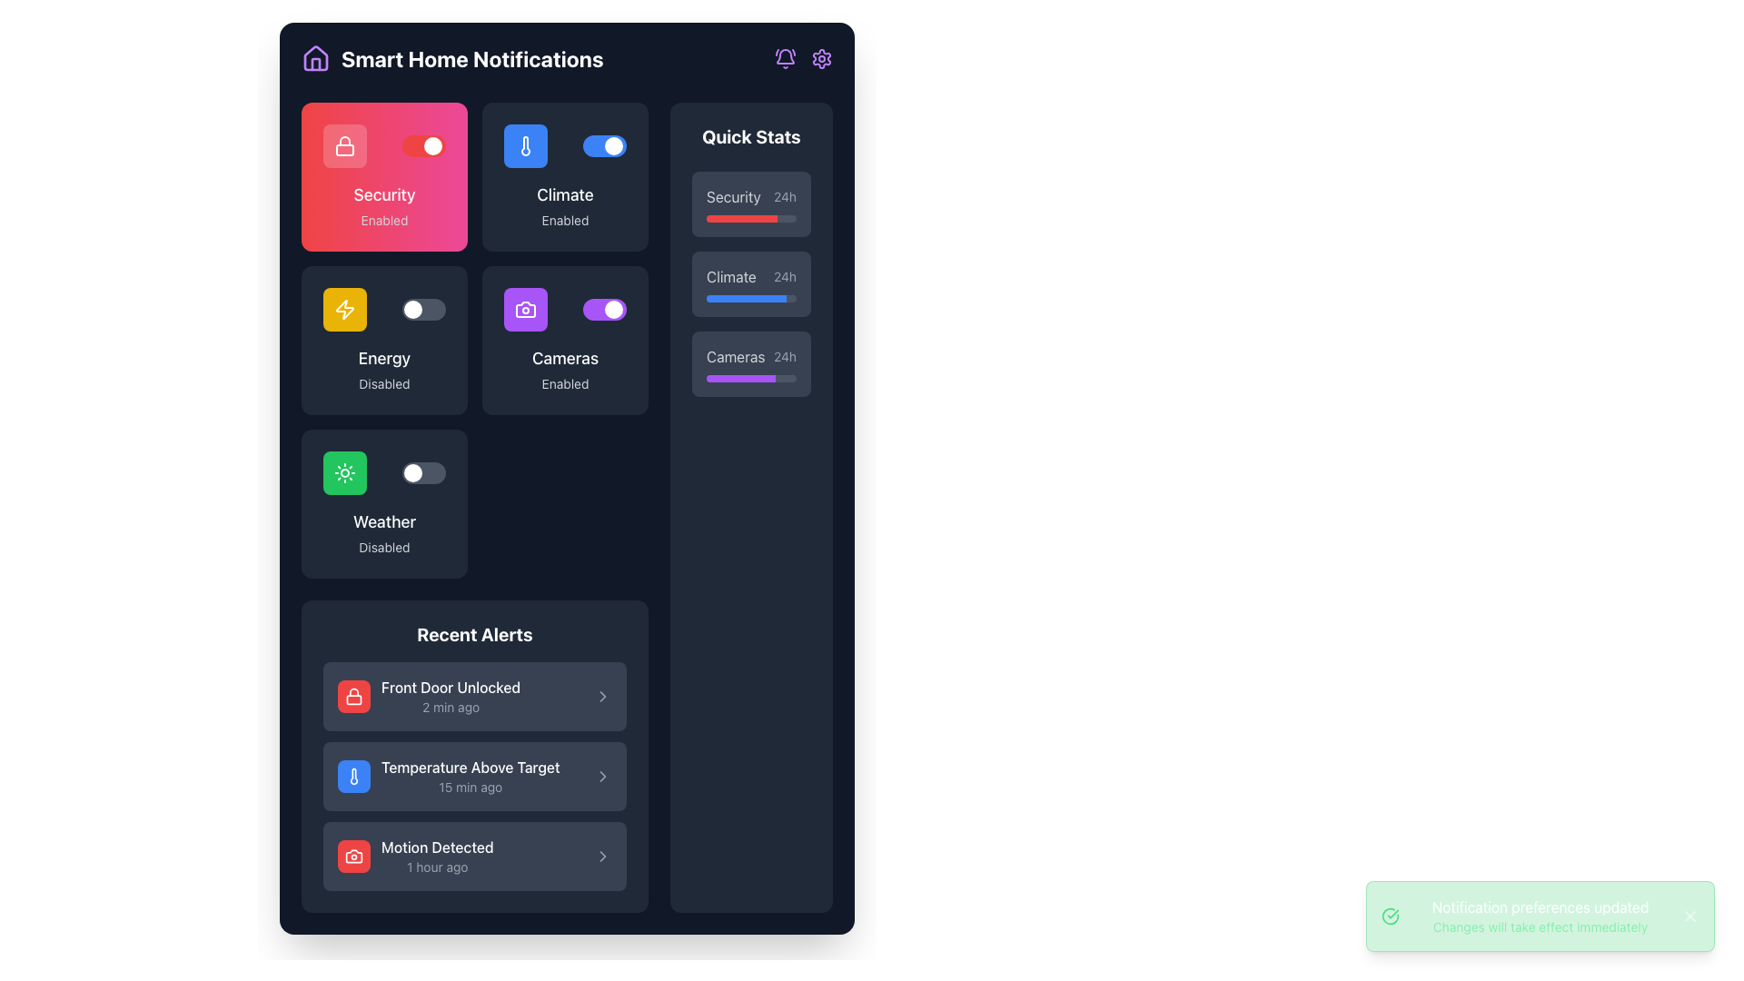  Describe the element at coordinates (383, 220) in the screenshot. I see `the 'Enabled' text label, which is displayed in light gray on a vibrant gradient background within the Security card, positioned below the word 'Security'` at that location.